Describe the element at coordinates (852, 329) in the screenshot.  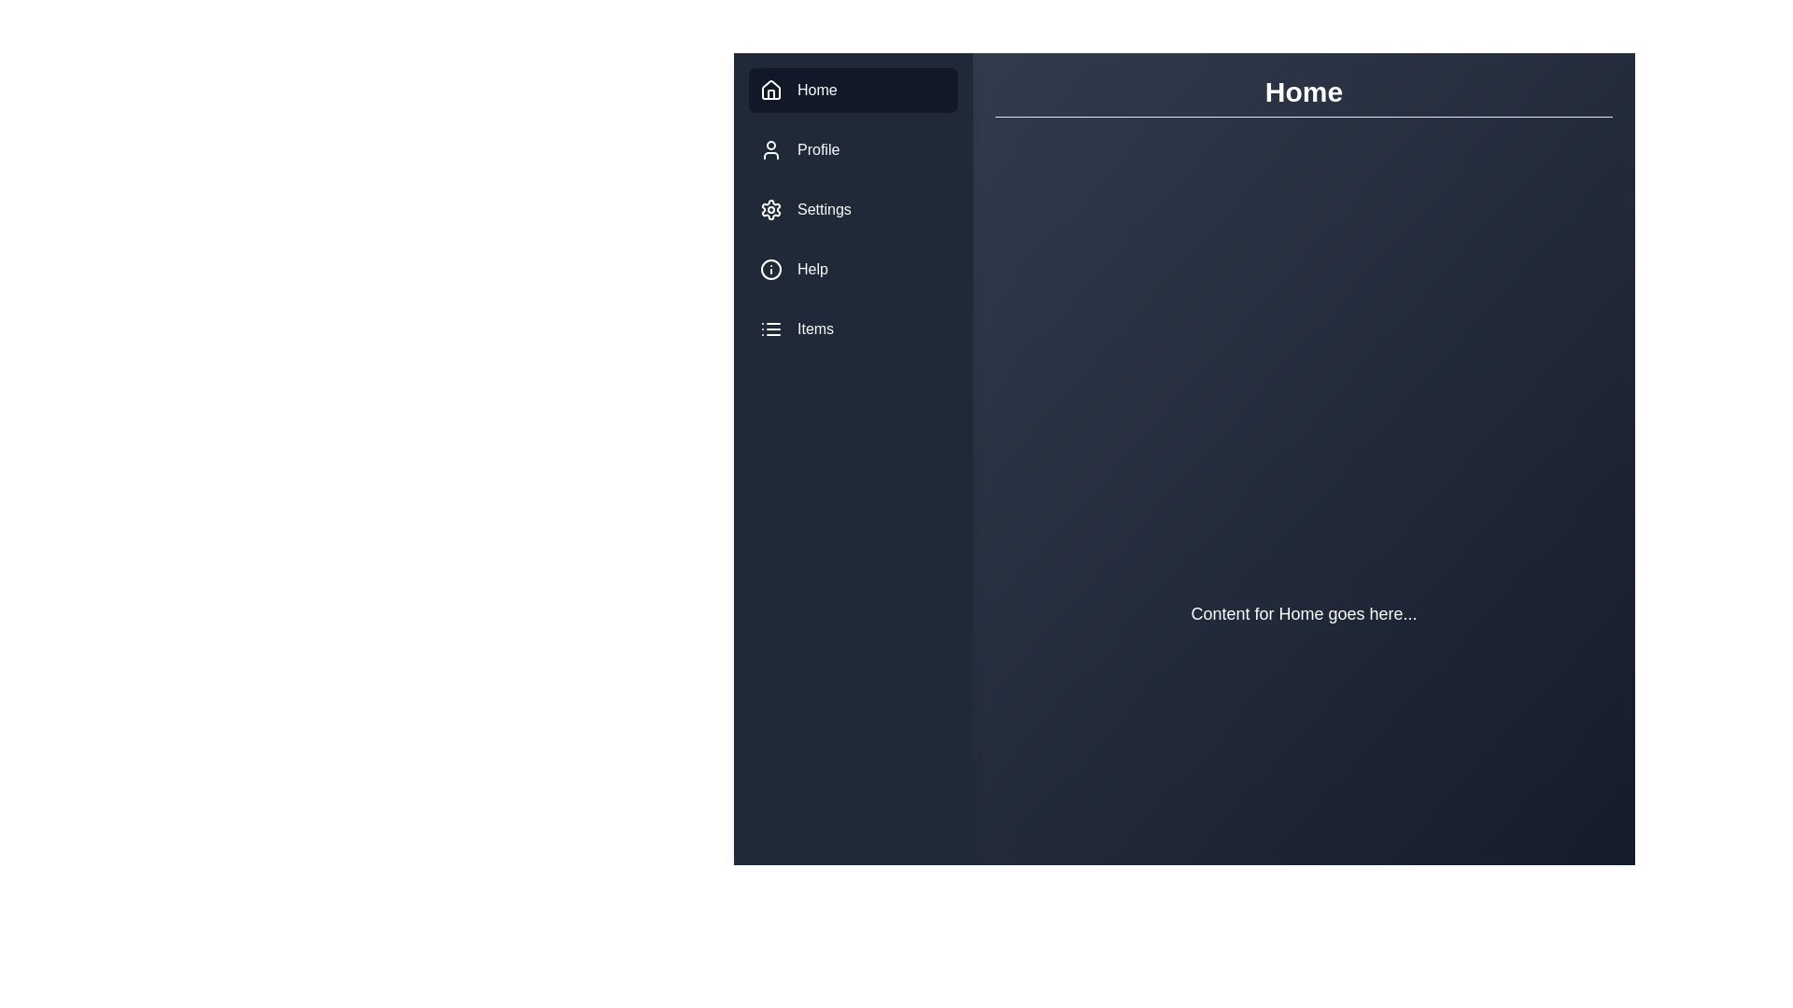
I see `the menu item labeled Items` at that location.